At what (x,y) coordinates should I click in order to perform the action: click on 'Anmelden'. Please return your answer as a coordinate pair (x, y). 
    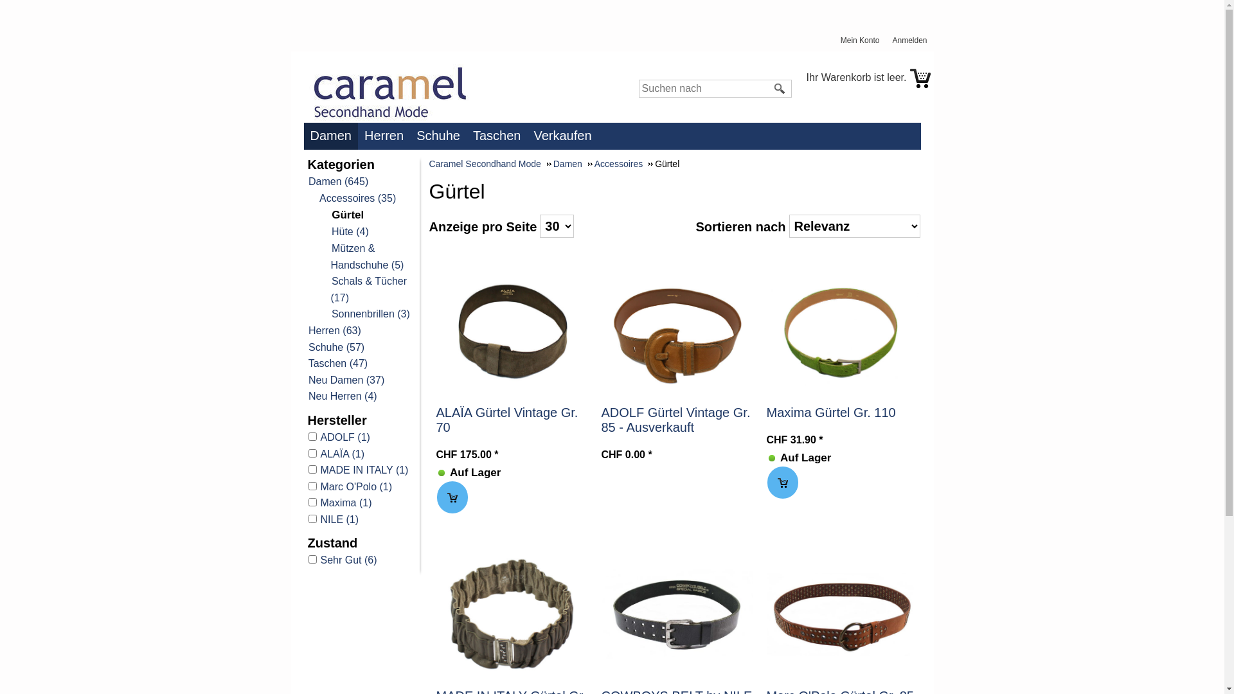
    Looking at the image, I should click on (912, 40).